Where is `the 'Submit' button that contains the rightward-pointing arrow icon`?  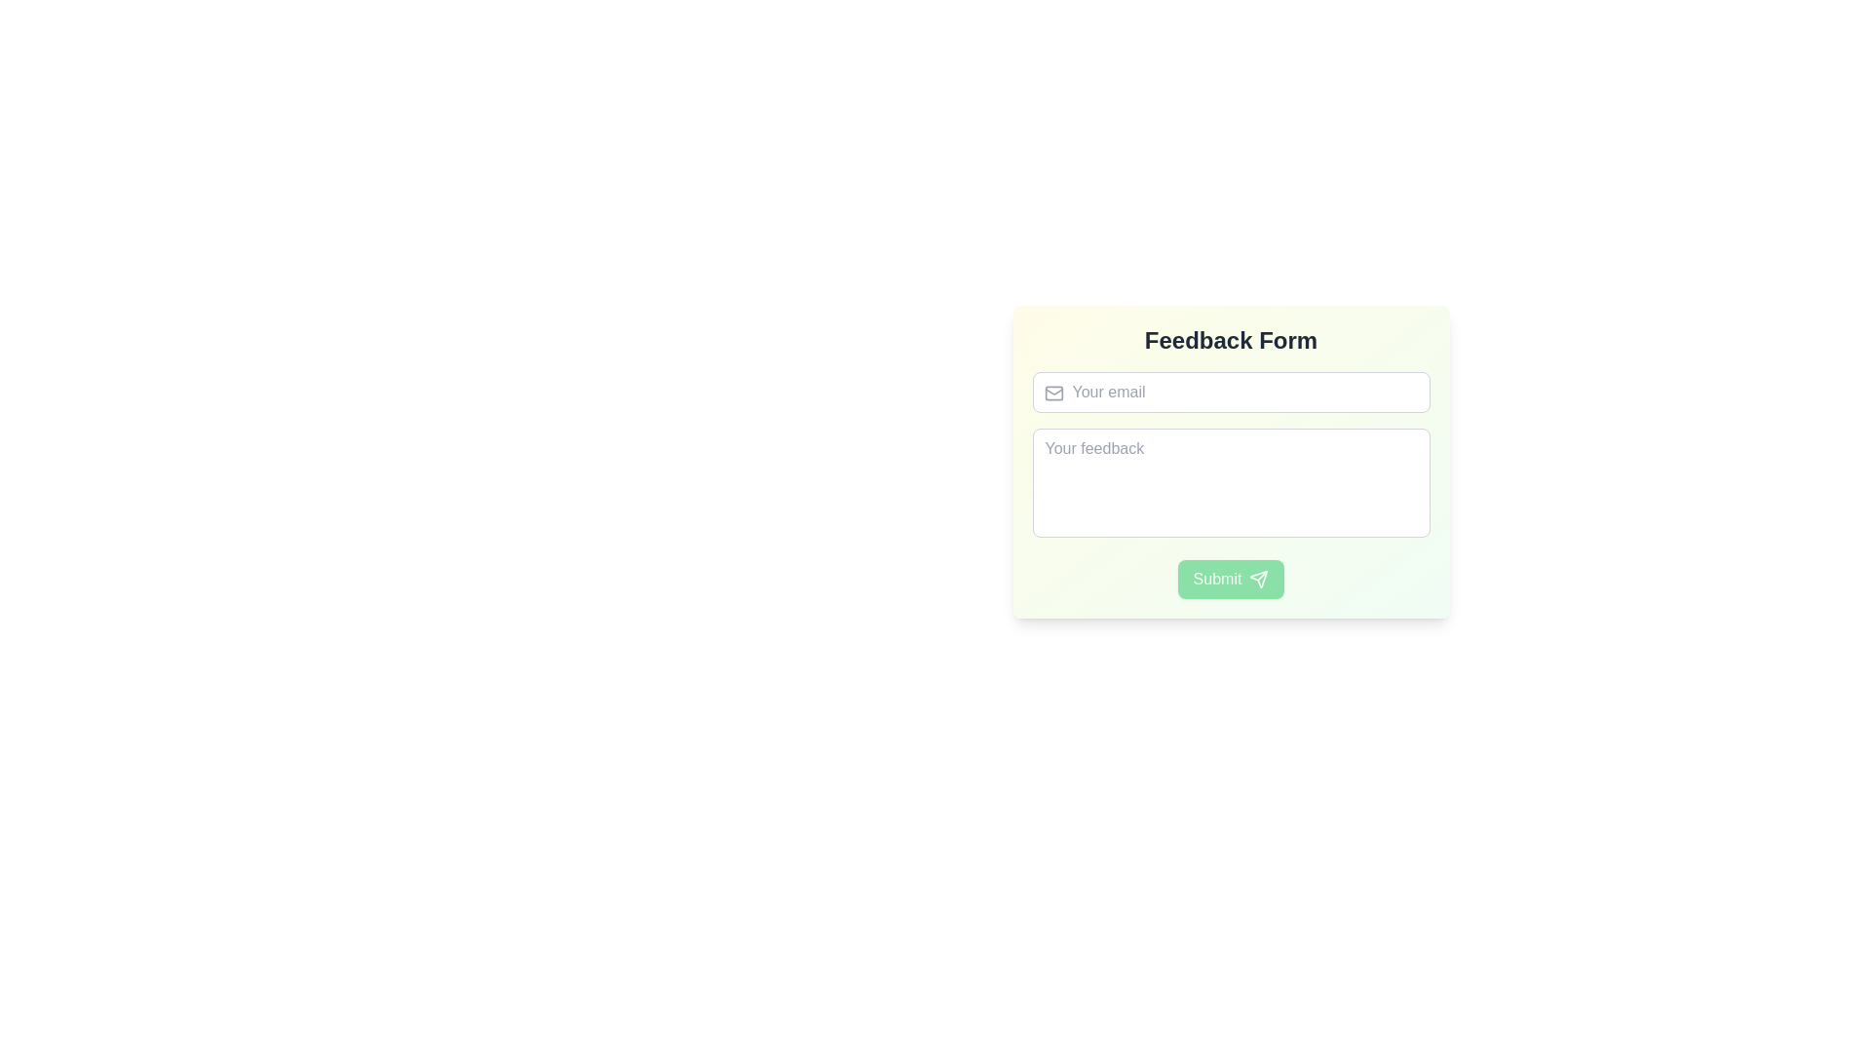
the 'Submit' button that contains the rightward-pointing arrow icon is located at coordinates (1259, 578).